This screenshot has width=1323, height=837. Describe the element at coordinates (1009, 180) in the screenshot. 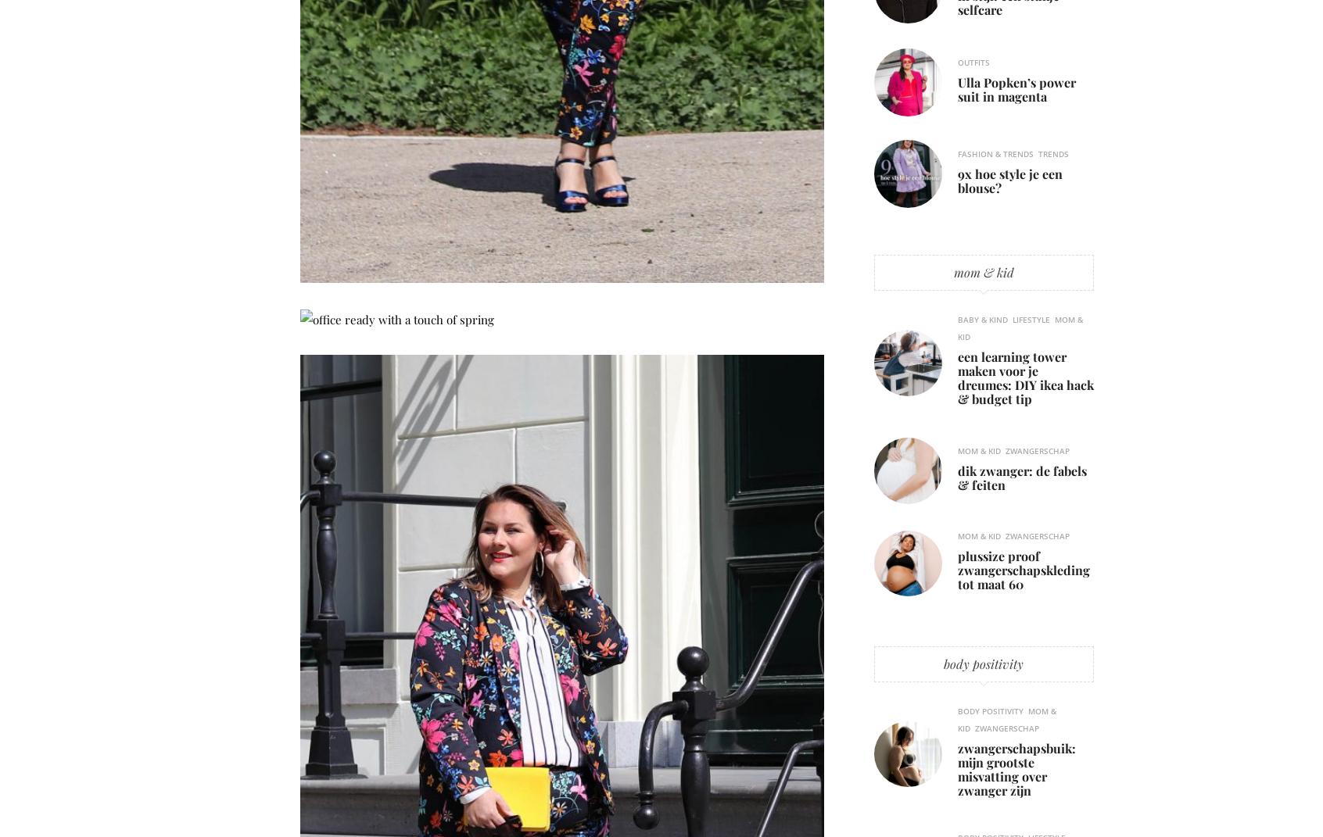

I see `'9x hoe style je een blouse?'` at that location.